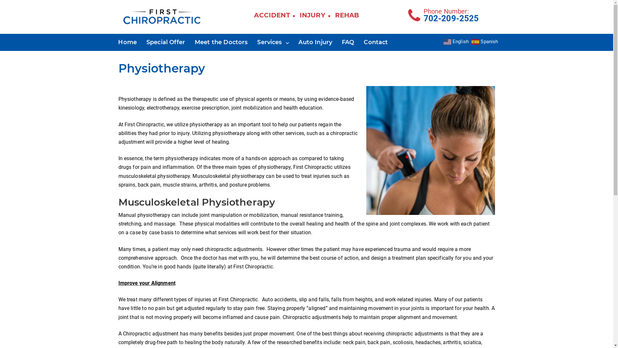 This screenshot has width=618, height=348. What do you see at coordinates (315, 42) in the screenshot?
I see `'Auto Injury'` at bounding box center [315, 42].